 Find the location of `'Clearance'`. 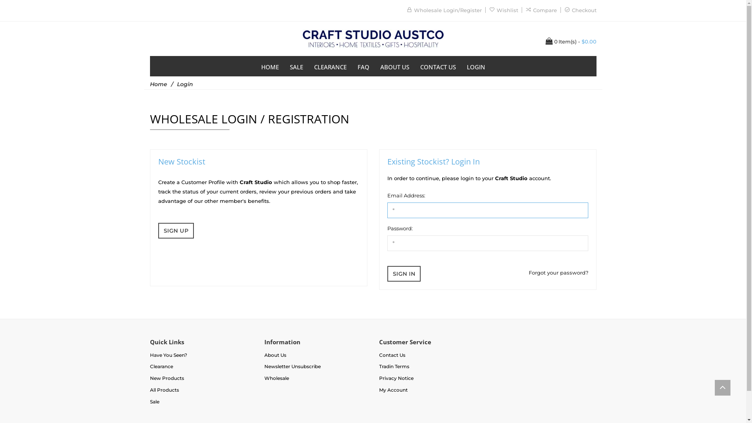

'Clearance' is located at coordinates (161, 366).